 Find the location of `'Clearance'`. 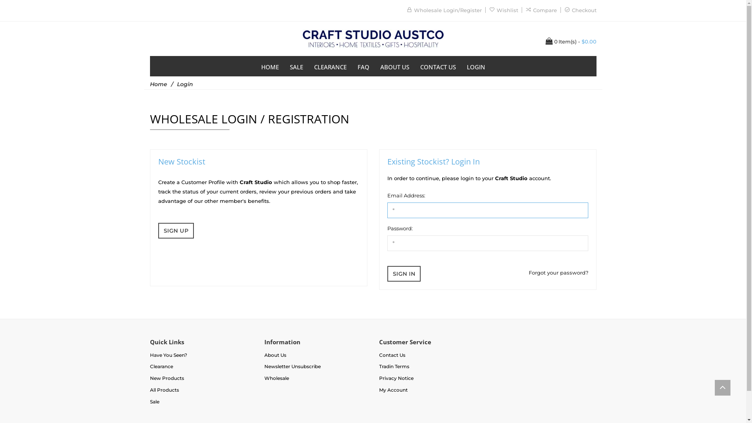

'Clearance' is located at coordinates (161, 366).